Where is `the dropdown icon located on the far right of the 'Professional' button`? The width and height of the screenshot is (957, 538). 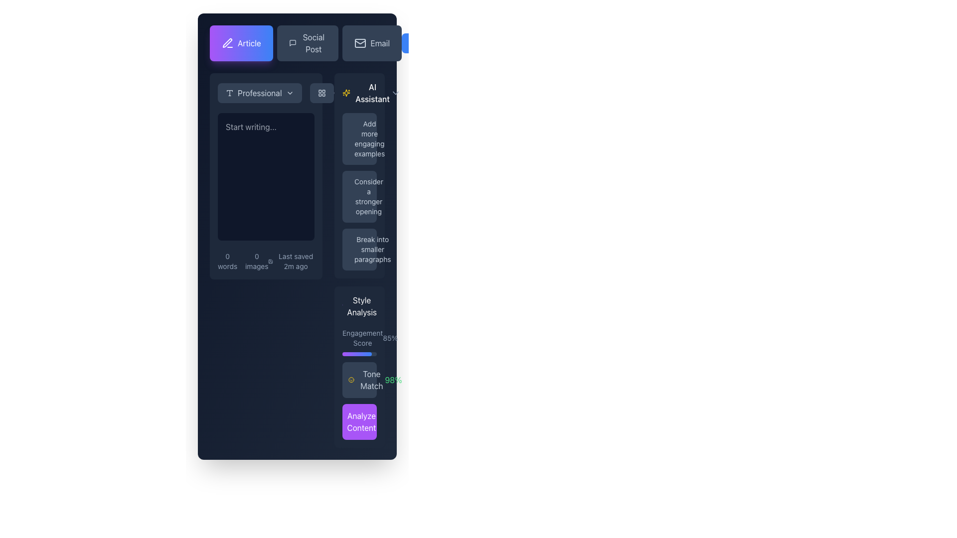
the dropdown icon located on the far right of the 'Professional' button is located at coordinates (289, 93).